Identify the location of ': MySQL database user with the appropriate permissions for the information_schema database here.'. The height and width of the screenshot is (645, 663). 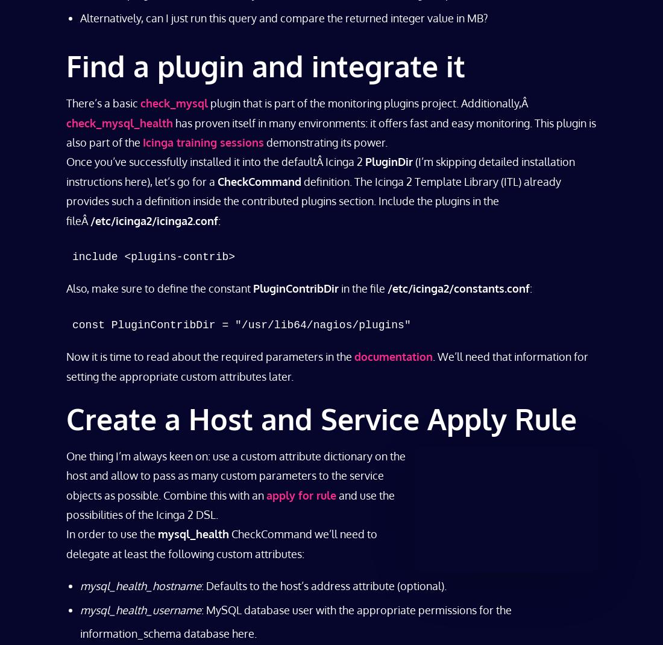
(80, 621).